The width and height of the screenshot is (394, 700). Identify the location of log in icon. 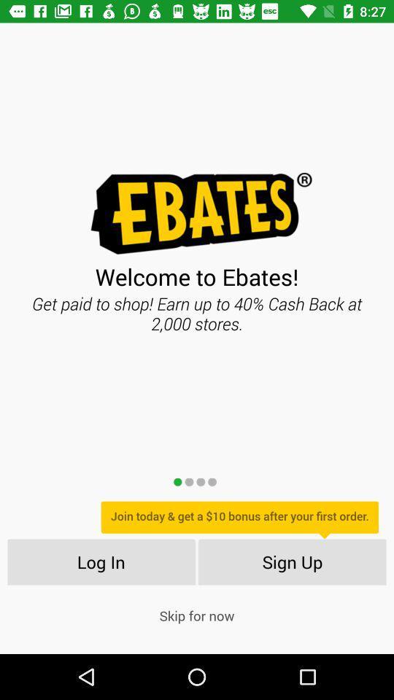
(100, 561).